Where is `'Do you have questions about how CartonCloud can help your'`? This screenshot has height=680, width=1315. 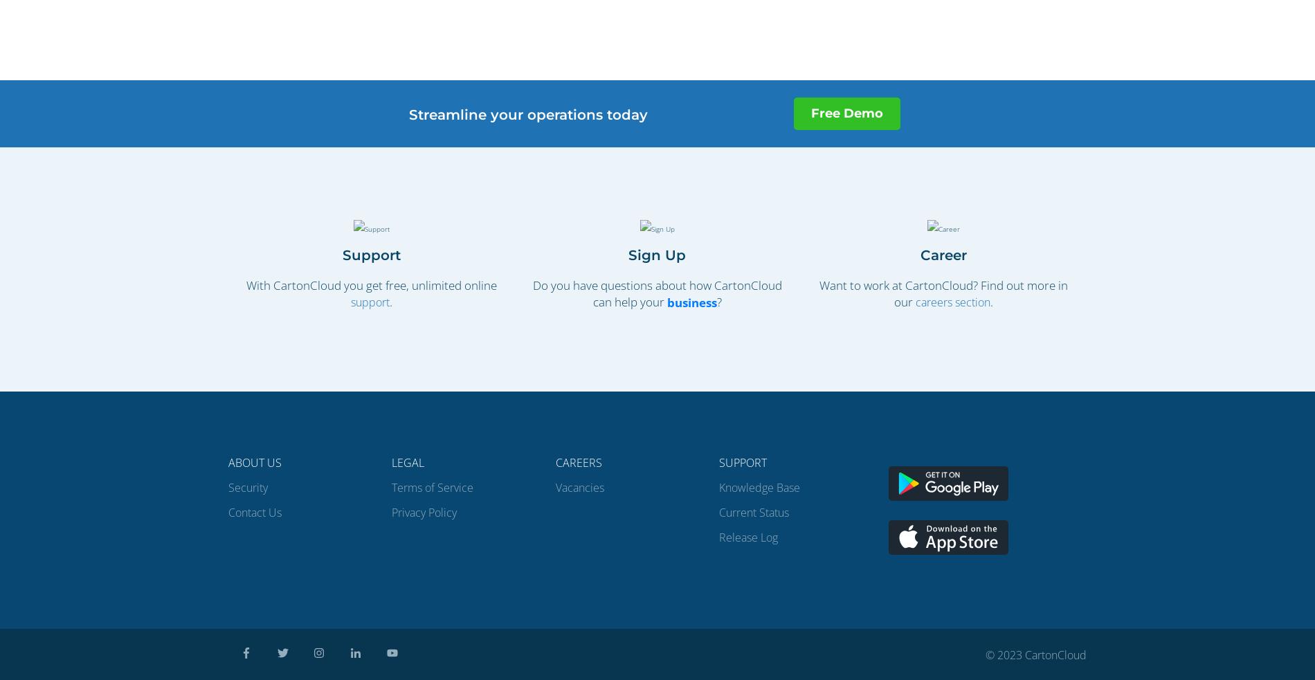
'Do you have questions about how CartonCloud can help your' is located at coordinates (531, 292).